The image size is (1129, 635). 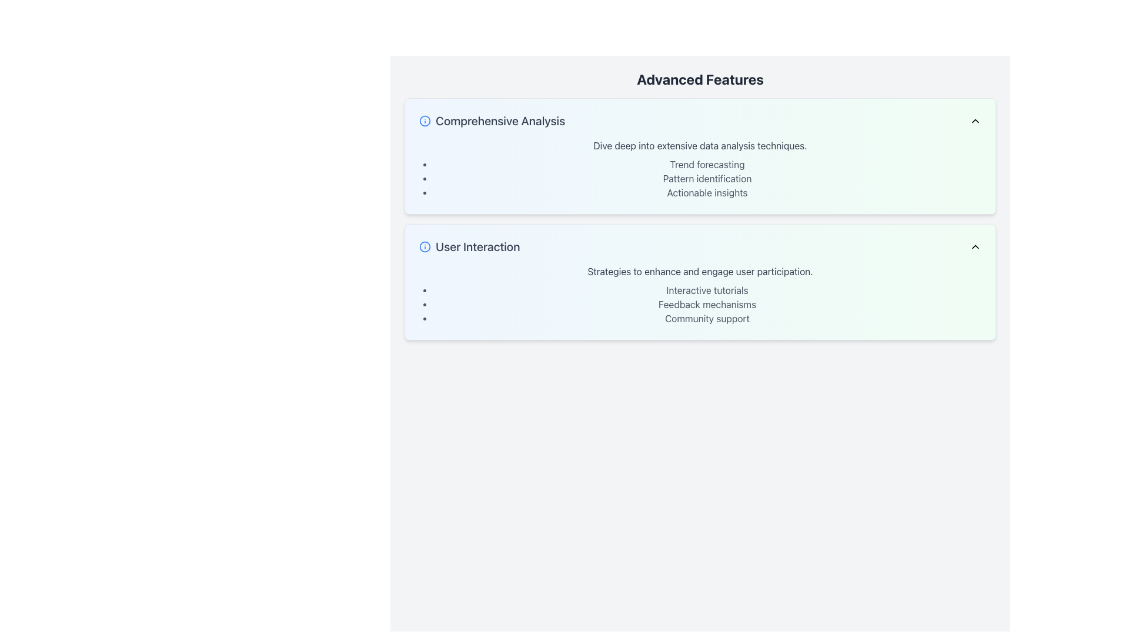 What do you see at coordinates (707, 319) in the screenshot?
I see `the text element displaying 'Community support' in gray font, which is the last item in the bulleted list under 'User Interaction.'` at bounding box center [707, 319].